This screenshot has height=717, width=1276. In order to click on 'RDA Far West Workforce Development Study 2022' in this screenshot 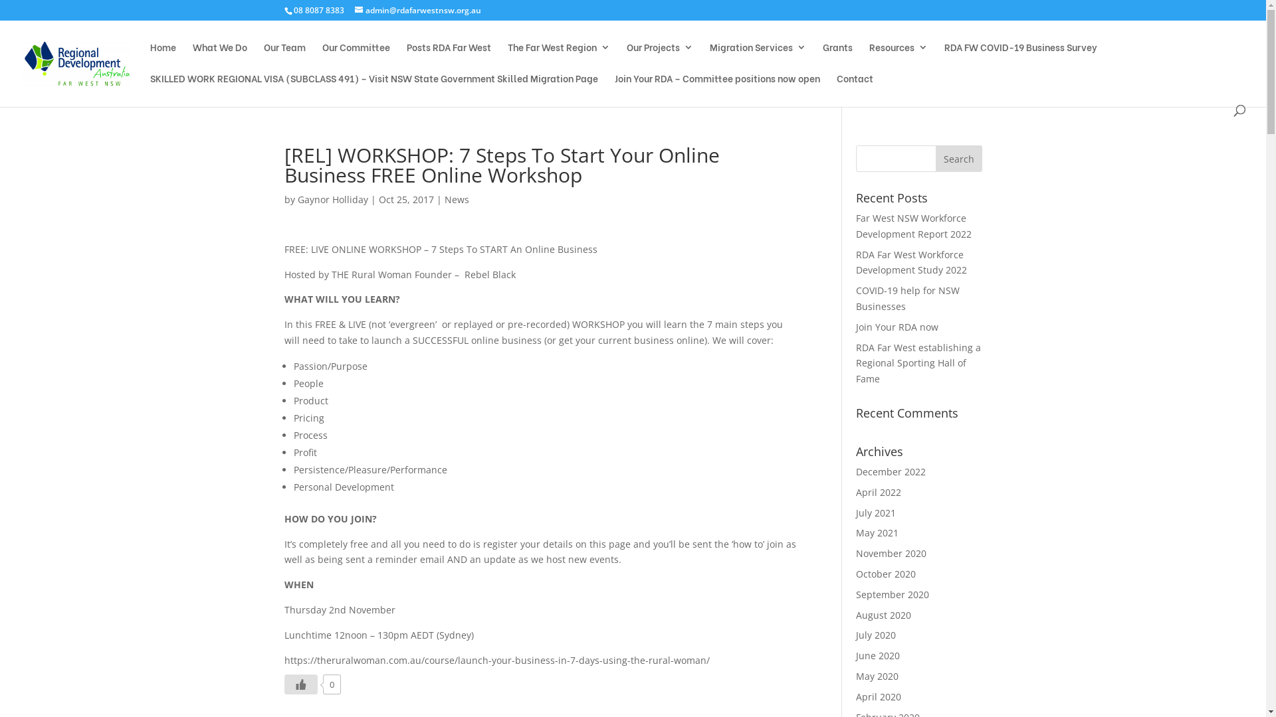, I will do `click(910, 262)`.